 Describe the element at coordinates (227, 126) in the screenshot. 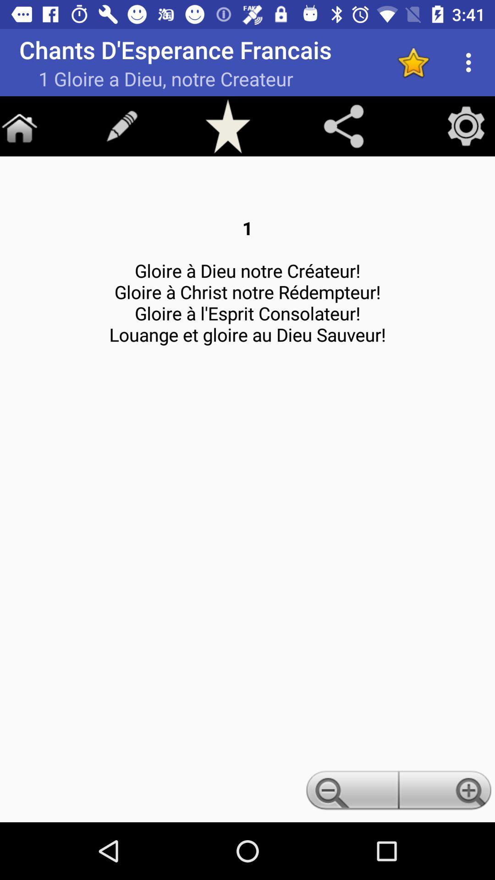

I see `the star button icon` at that location.